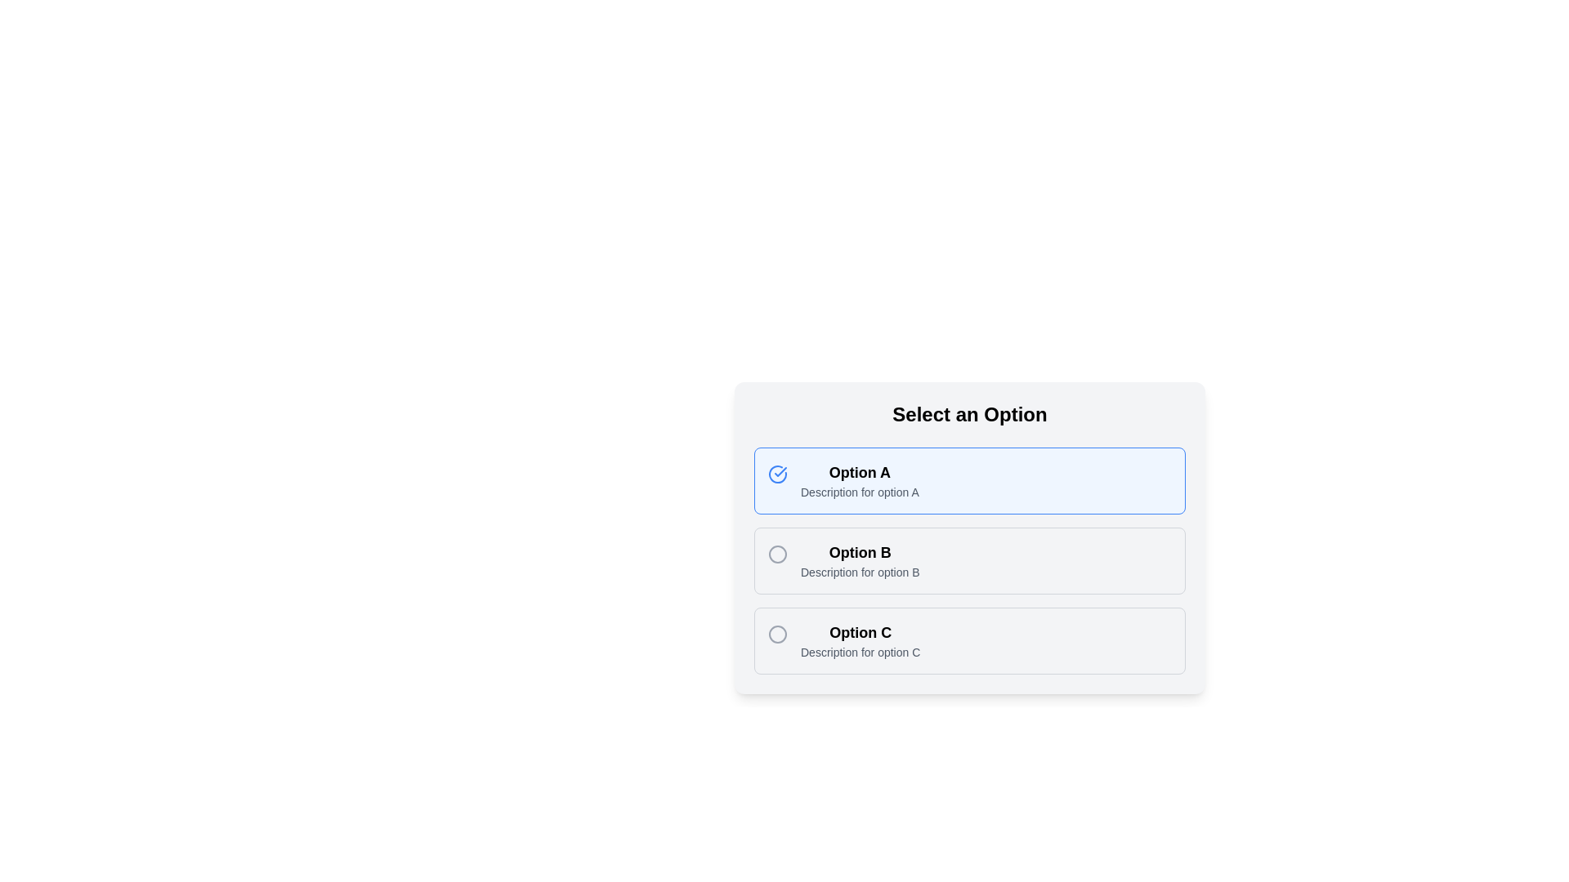 Image resolution: width=1569 pixels, height=882 pixels. Describe the element at coordinates (860, 640) in the screenshot. I see `the third list item labeled 'Option C'` at that location.